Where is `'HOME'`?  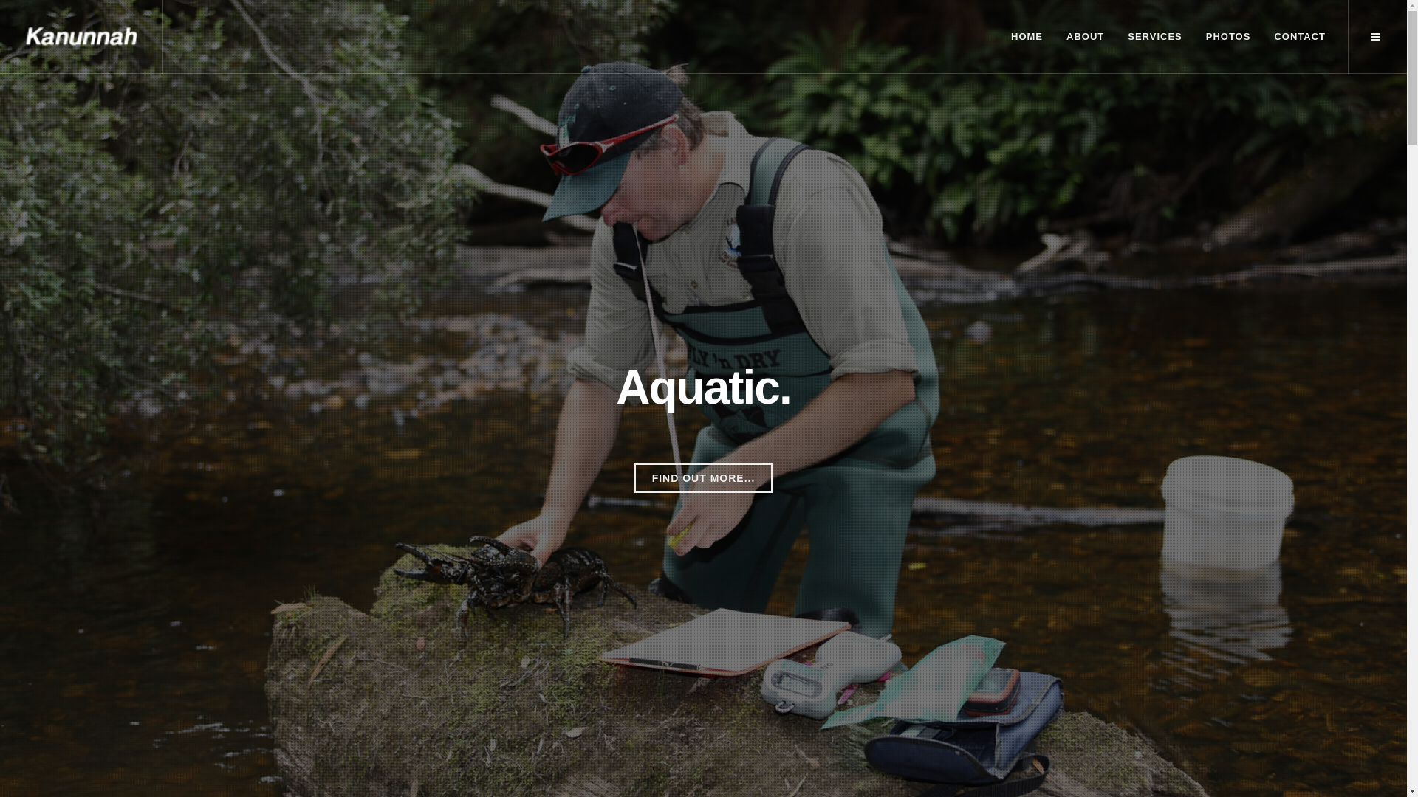
'HOME' is located at coordinates (1026, 36).